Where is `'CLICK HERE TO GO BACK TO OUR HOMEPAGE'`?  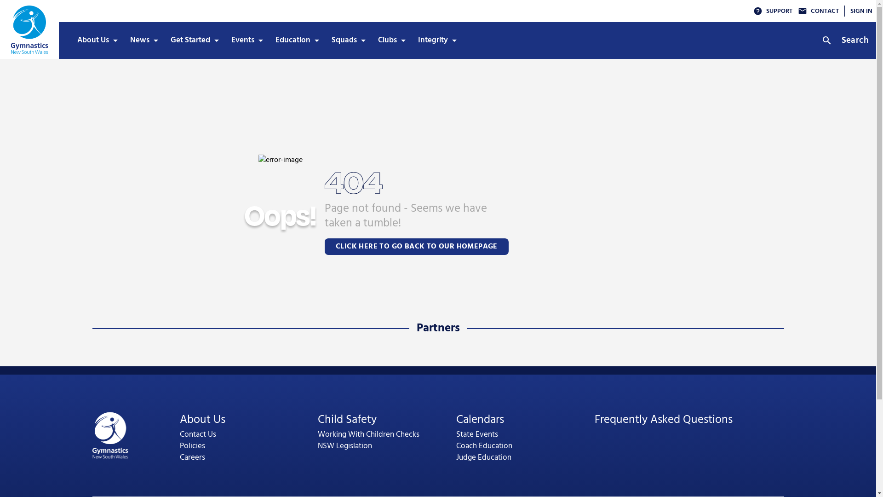
'CLICK HERE TO GO BACK TO OUR HOMEPAGE' is located at coordinates (416, 246).